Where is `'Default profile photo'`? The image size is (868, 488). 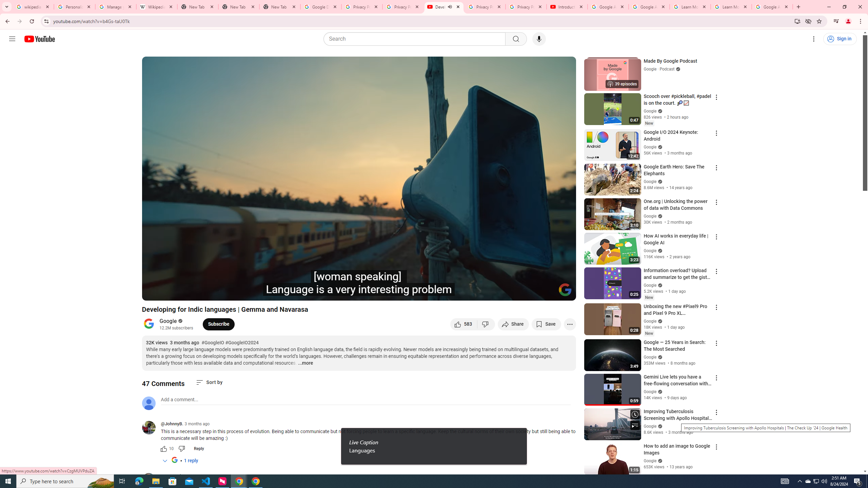
'Default profile photo' is located at coordinates (148, 403).